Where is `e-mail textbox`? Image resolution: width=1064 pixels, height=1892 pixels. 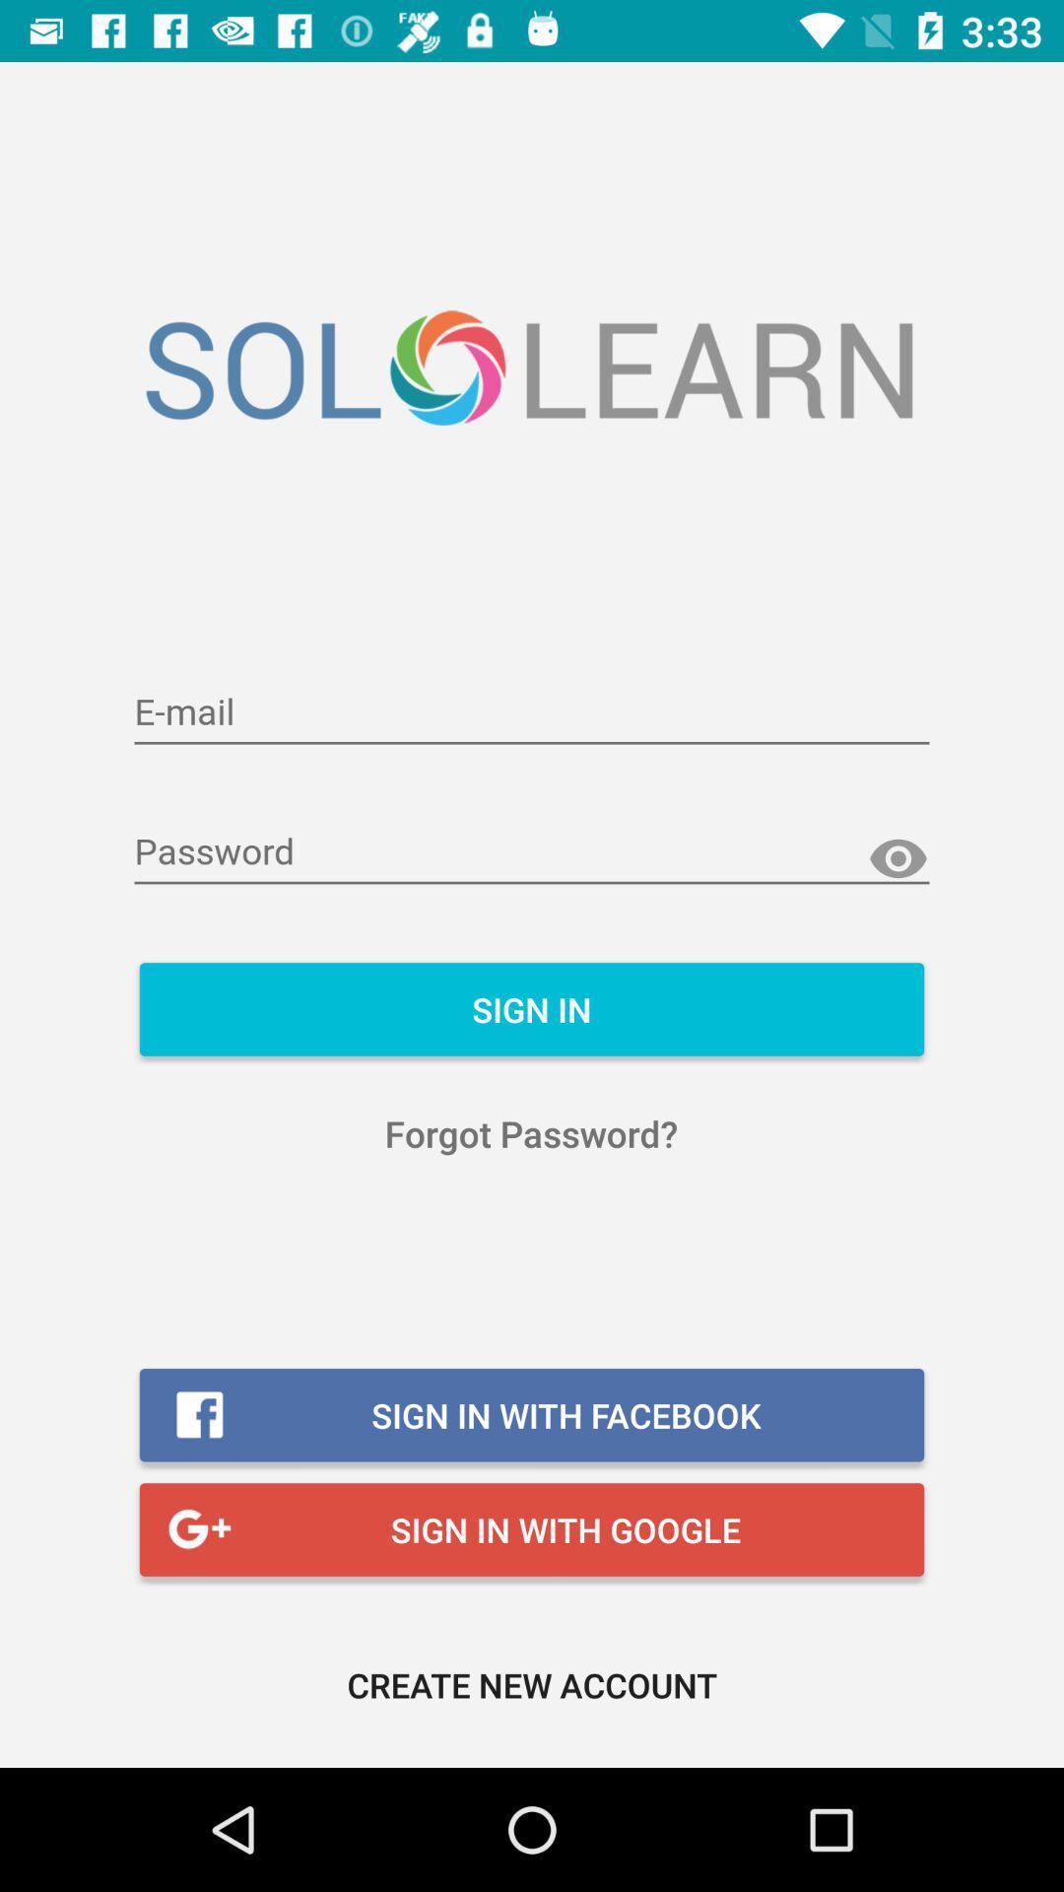
e-mail textbox is located at coordinates (532, 712).